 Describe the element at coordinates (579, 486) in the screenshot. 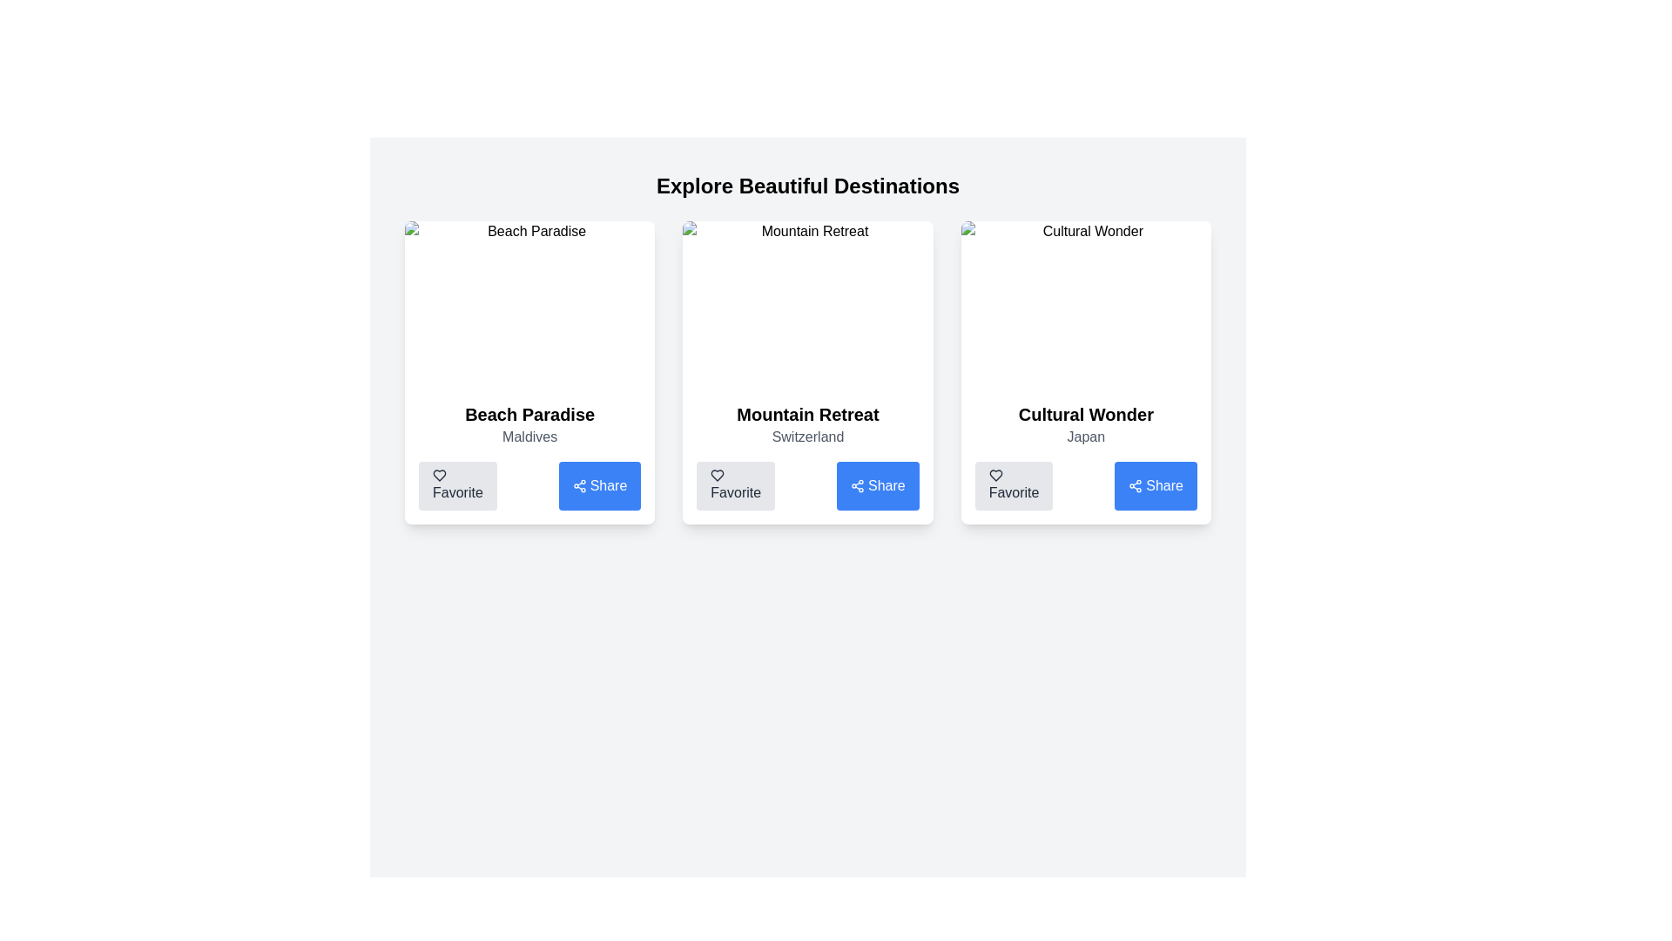

I see `the blue 'Share' button with white text and a share icon, located in the lower-right section of the 'Beach Paradise' card, next to the gray 'Favorite' button` at that location.